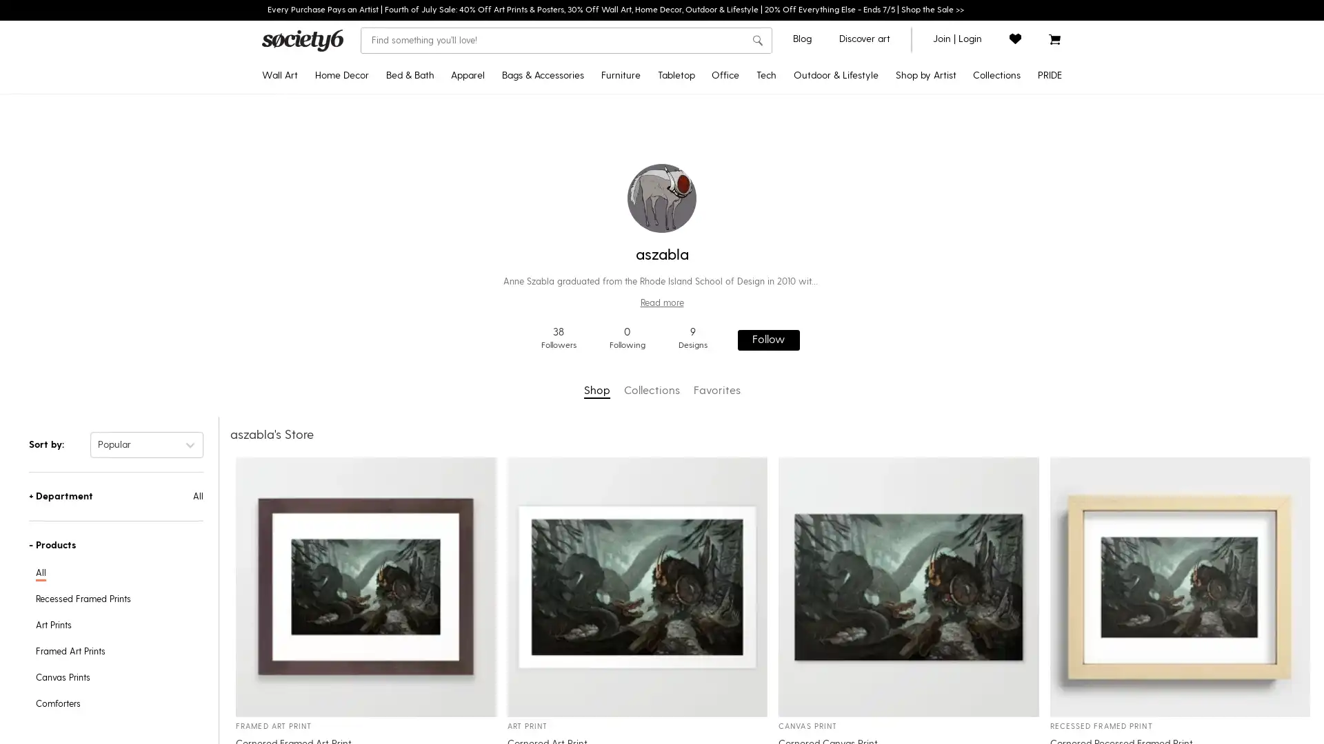 The image size is (1324, 744). I want to click on Pencil Cases, so click(759, 243).